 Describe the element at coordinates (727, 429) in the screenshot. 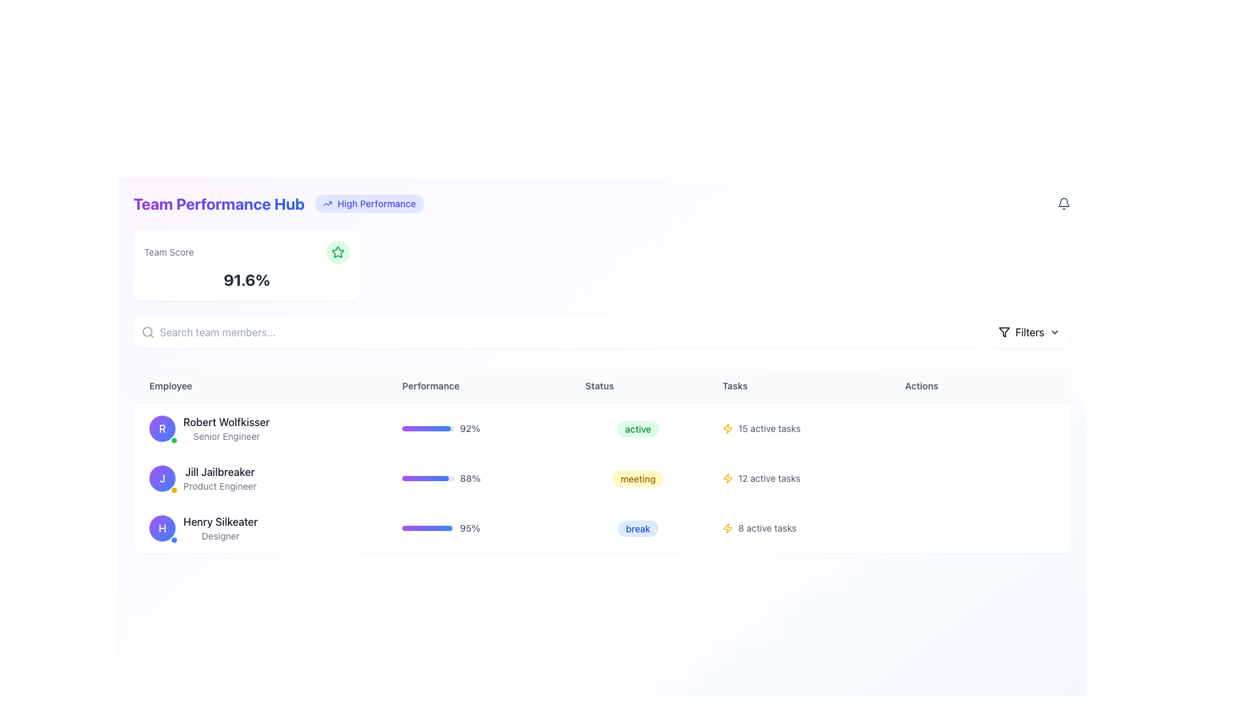

I see `the yellow lightning bolt icon indicating '15 active tasks' in the Tasks column of the table` at that location.